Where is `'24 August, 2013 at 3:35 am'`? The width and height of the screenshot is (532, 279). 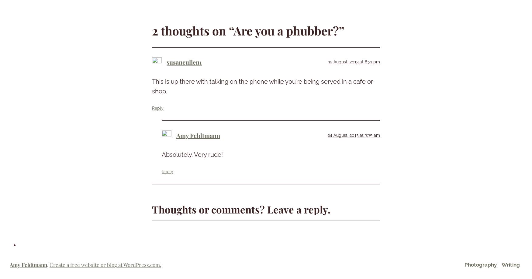 '24 August, 2013 at 3:35 am' is located at coordinates (353, 135).